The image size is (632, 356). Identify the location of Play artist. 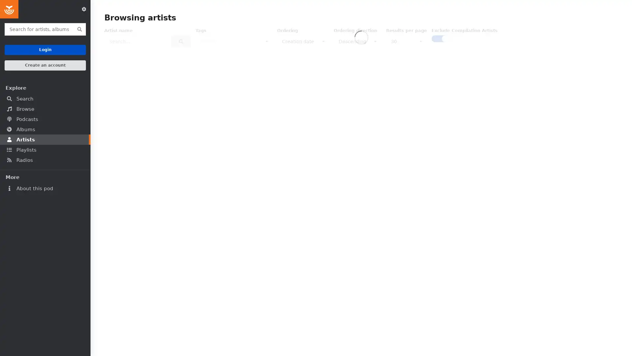
(516, 341).